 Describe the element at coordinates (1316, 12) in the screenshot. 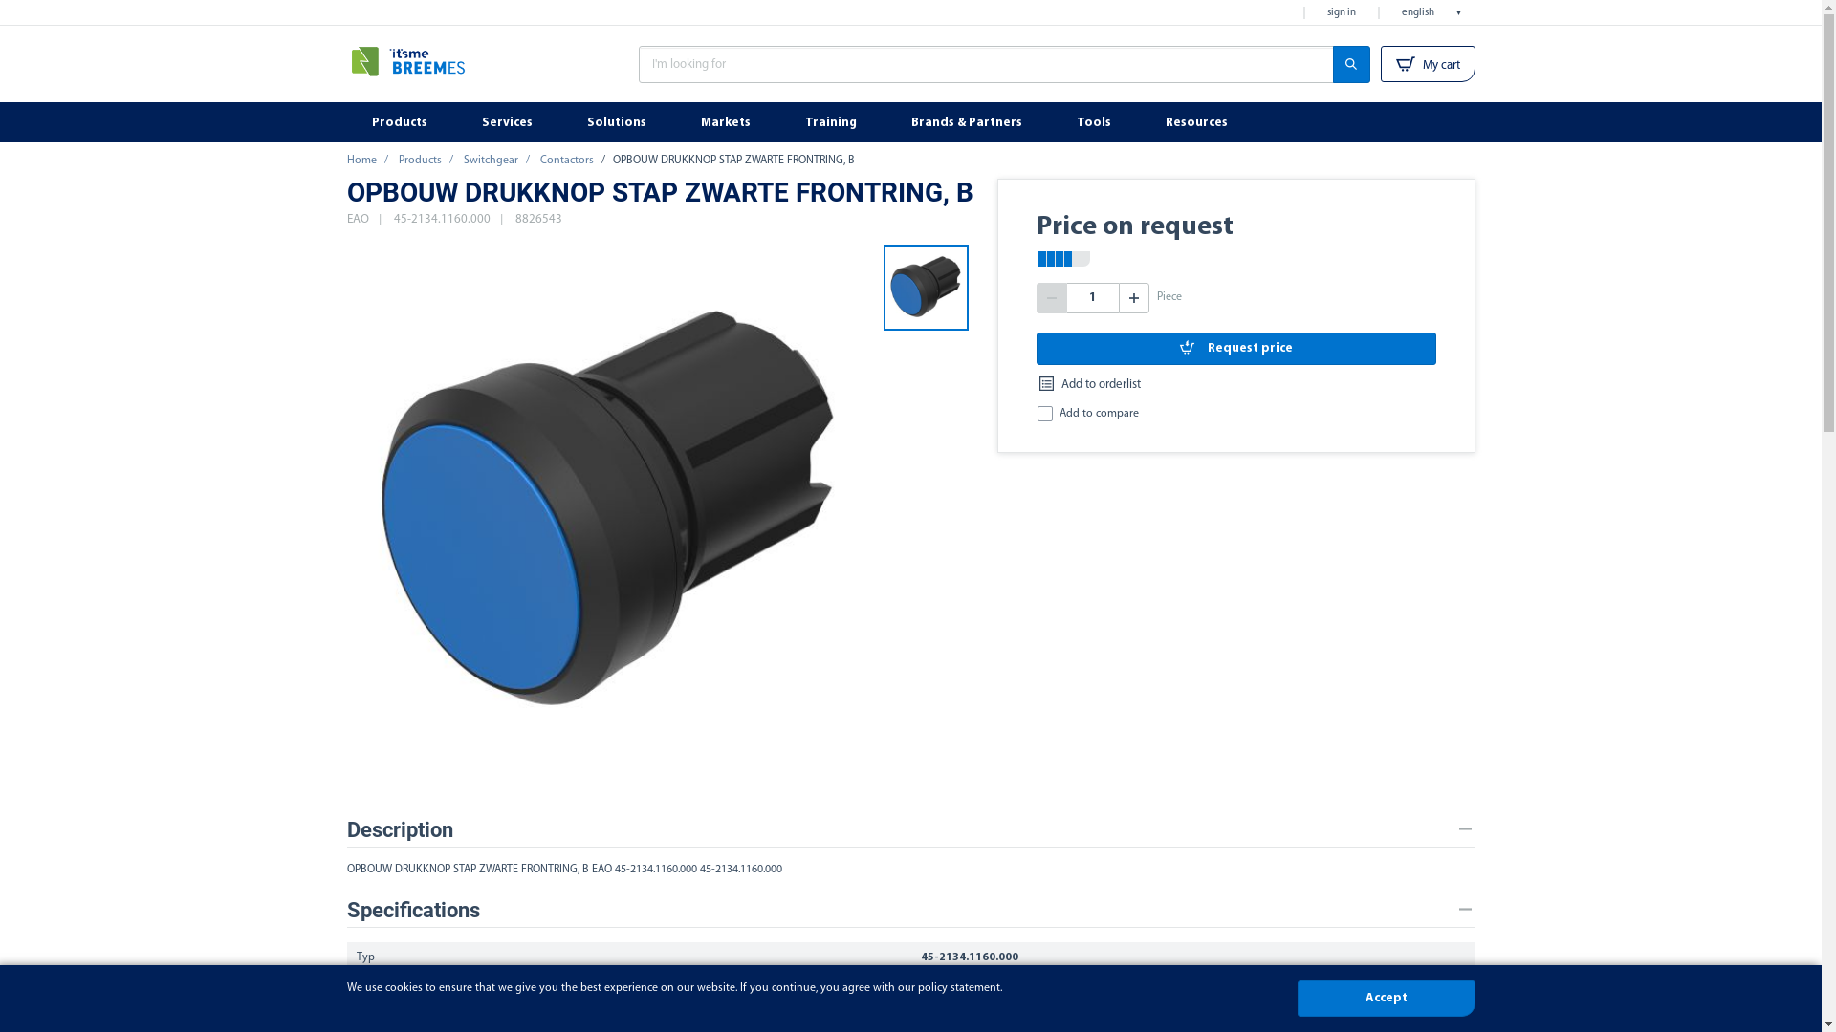

I see `'sign in'` at that location.